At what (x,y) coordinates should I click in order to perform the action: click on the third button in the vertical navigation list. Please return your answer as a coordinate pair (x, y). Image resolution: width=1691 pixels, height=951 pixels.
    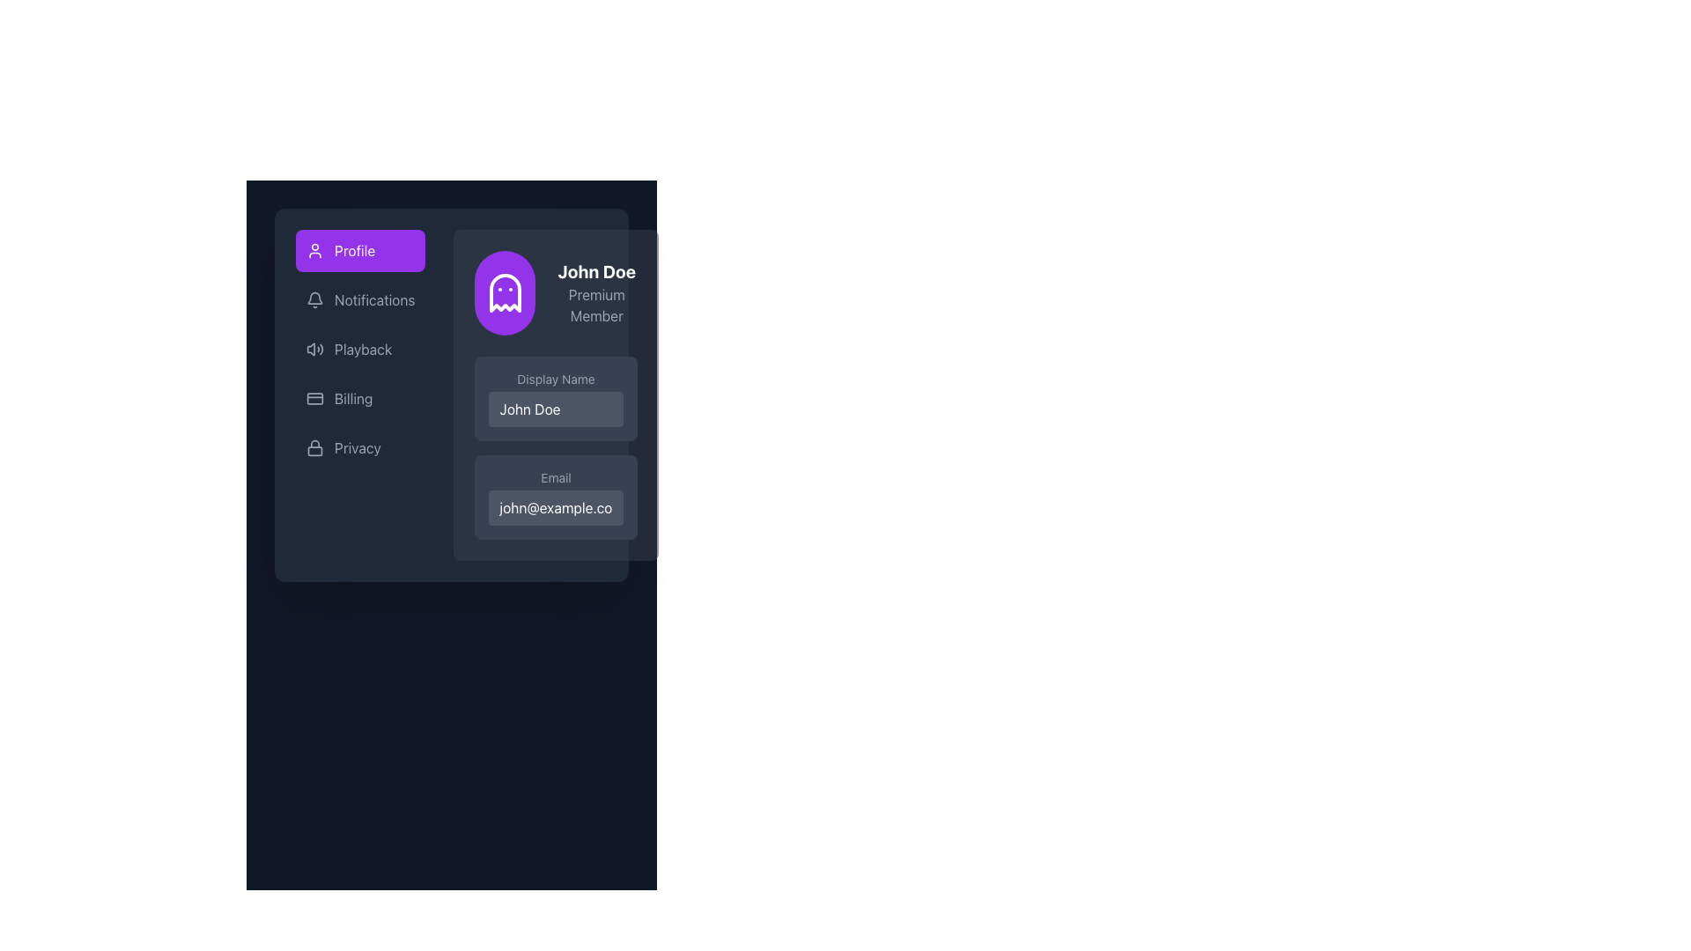
    Looking at the image, I should click on (359, 350).